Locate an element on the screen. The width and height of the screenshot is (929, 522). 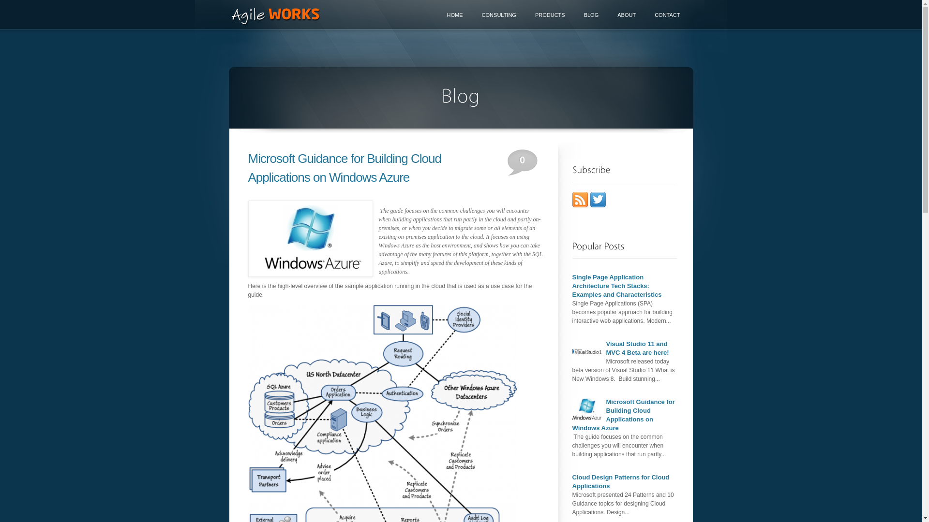
'CONTACT' is located at coordinates (646, 15).